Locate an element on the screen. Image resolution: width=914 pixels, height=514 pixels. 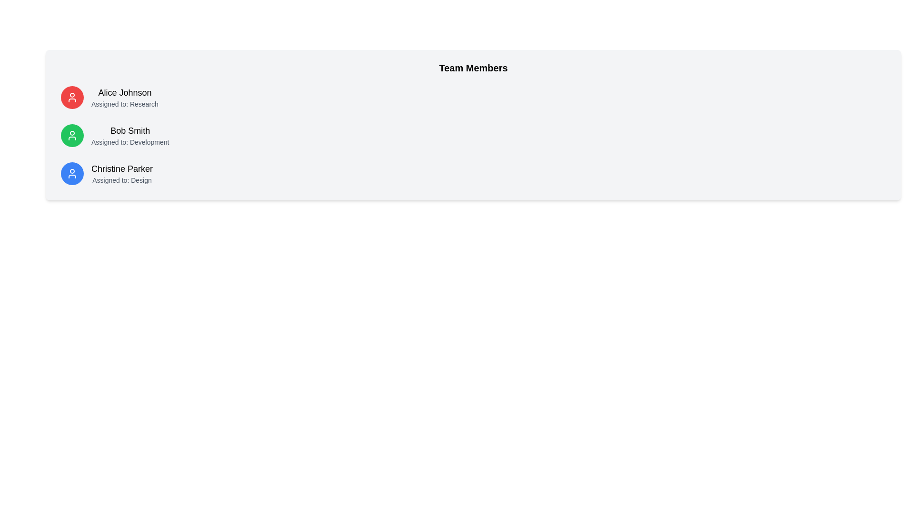
the text label displaying 'Christine Parker', which is styled in a larger sans-serif font and positioned above the smaller text 'Assigned to: Design' is located at coordinates (121, 168).